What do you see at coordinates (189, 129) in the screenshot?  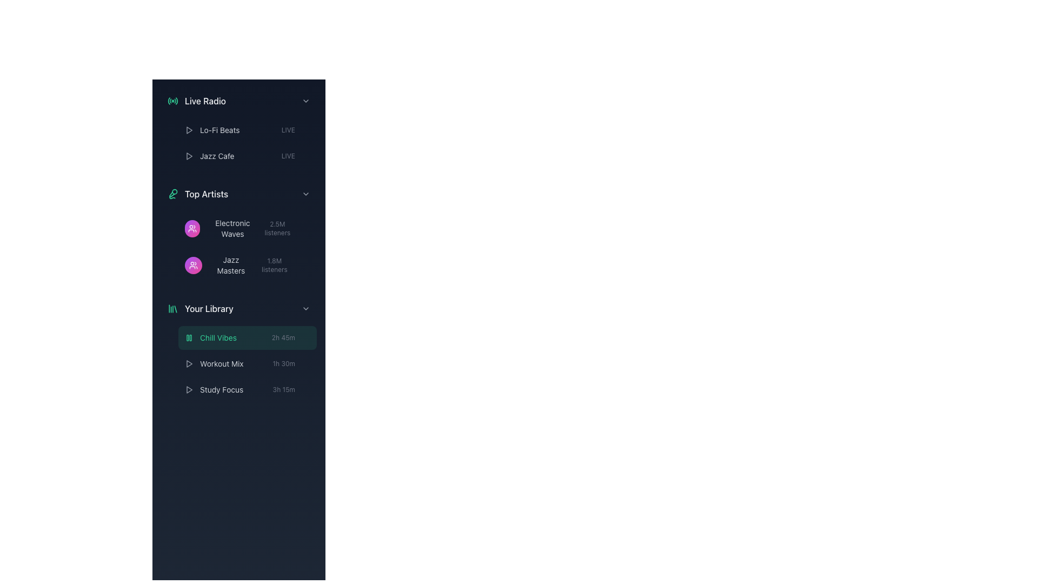 I see `the play button icon for 'Lo-Fi Beats' located in the 'Live Radio' section of the vertical navigation sidebar` at bounding box center [189, 129].